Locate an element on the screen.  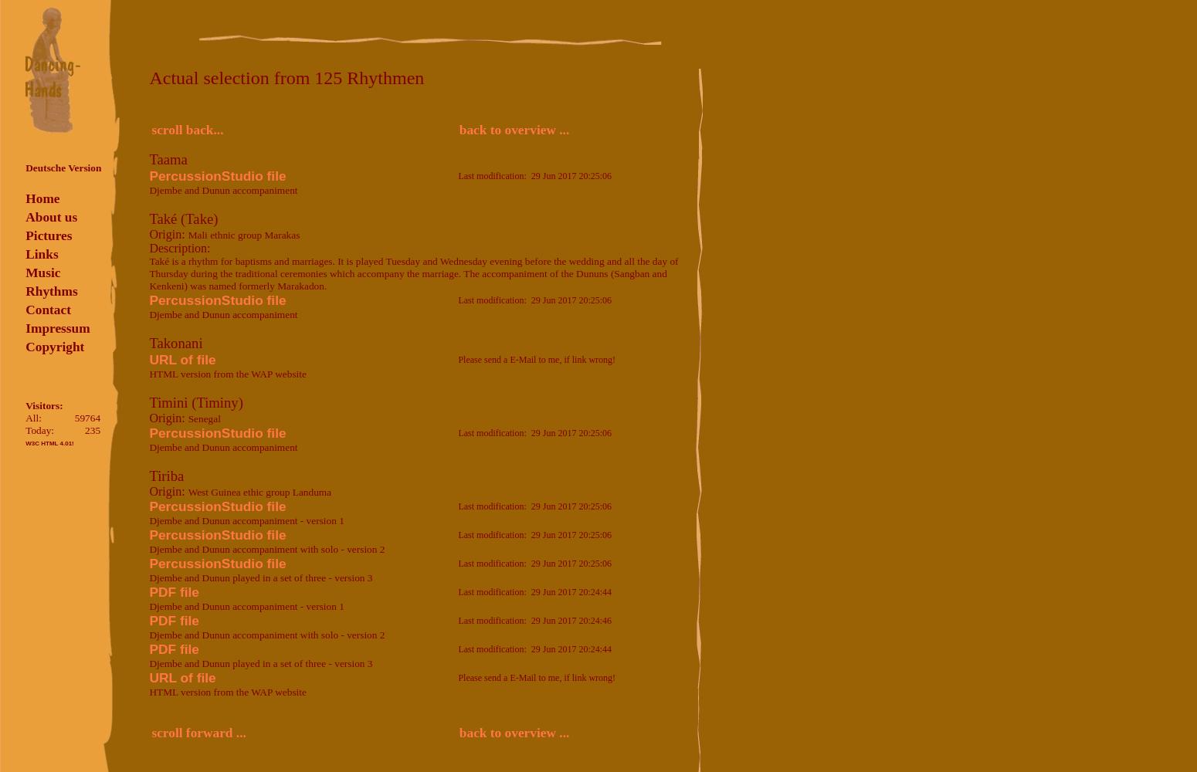
'Music' is located at coordinates (42, 272).